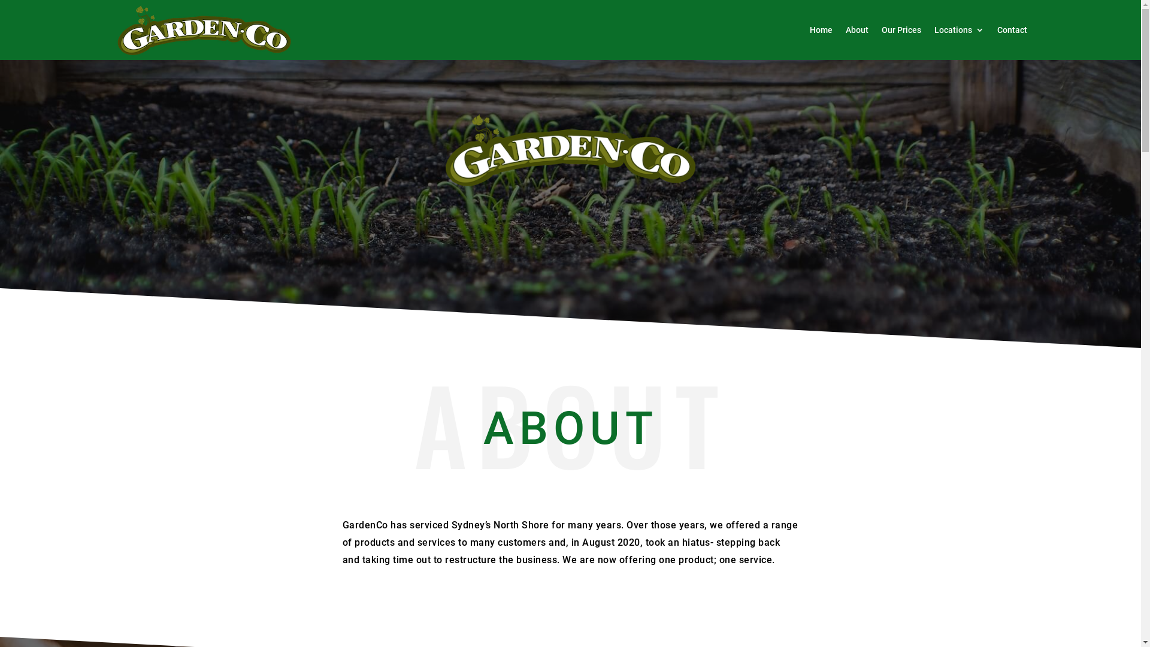 The image size is (1150, 647). I want to click on 'About', so click(856, 29).